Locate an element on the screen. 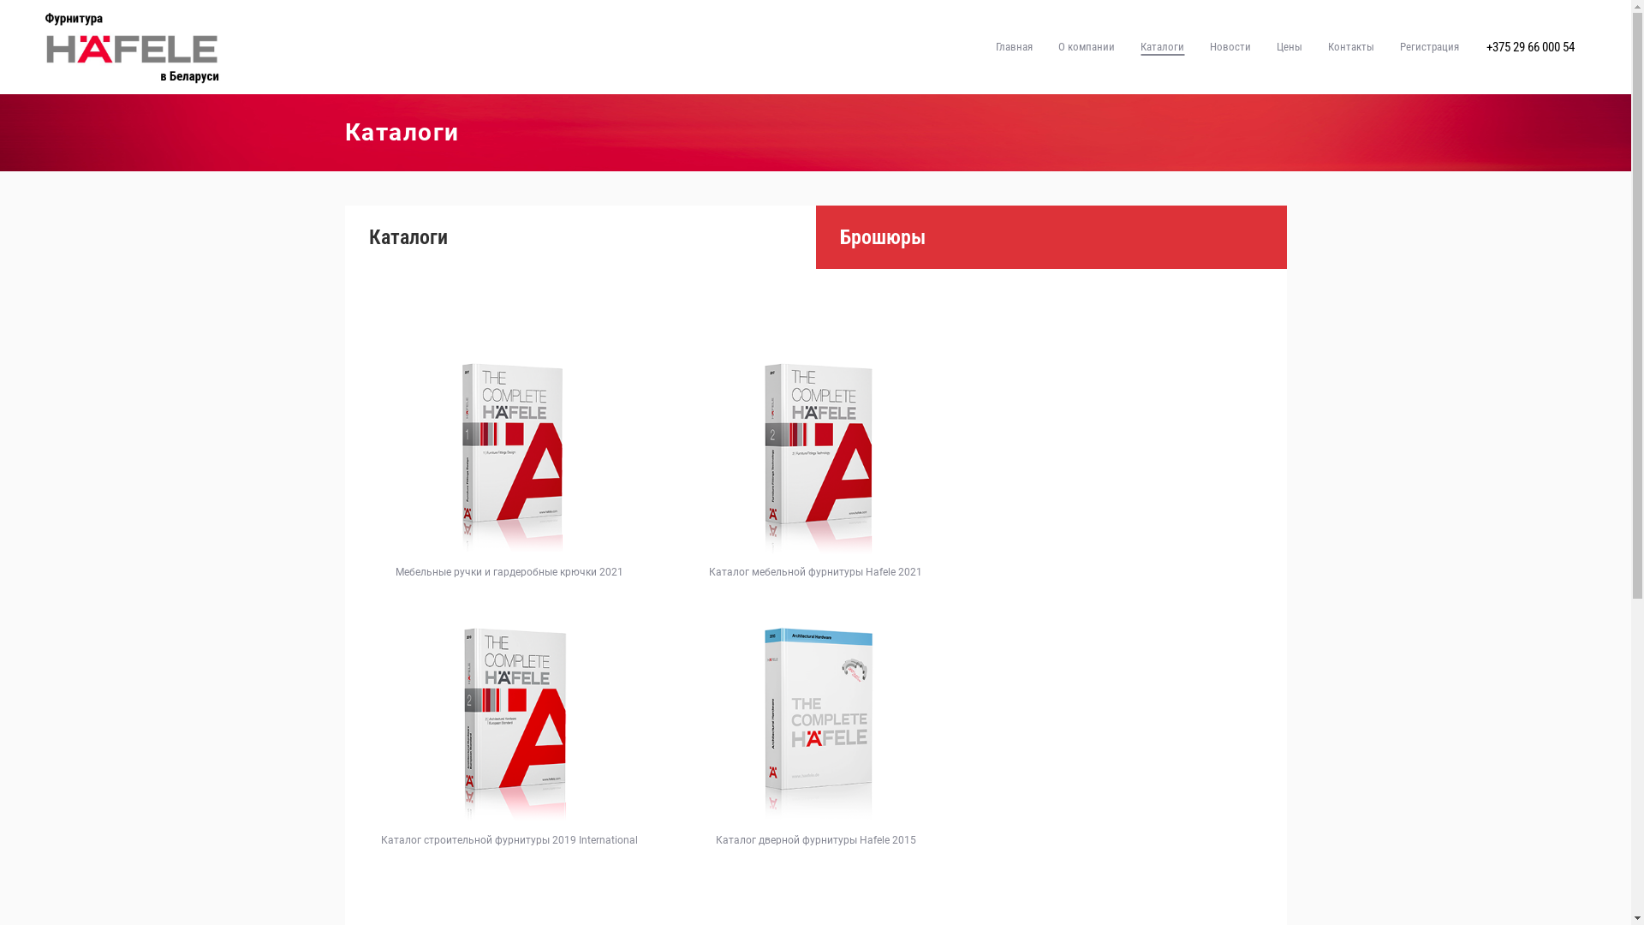 The image size is (1644, 925). '+375 29 66 000 54' is located at coordinates (1530, 45).